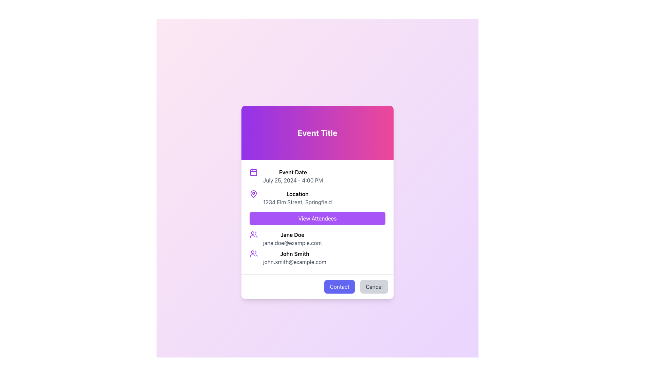 The image size is (652, 367). I want to click on the email address text 'jane.doe@example.com' displayed below the name 'Jane Doe' in the User Profile Display, so click(317, 238).